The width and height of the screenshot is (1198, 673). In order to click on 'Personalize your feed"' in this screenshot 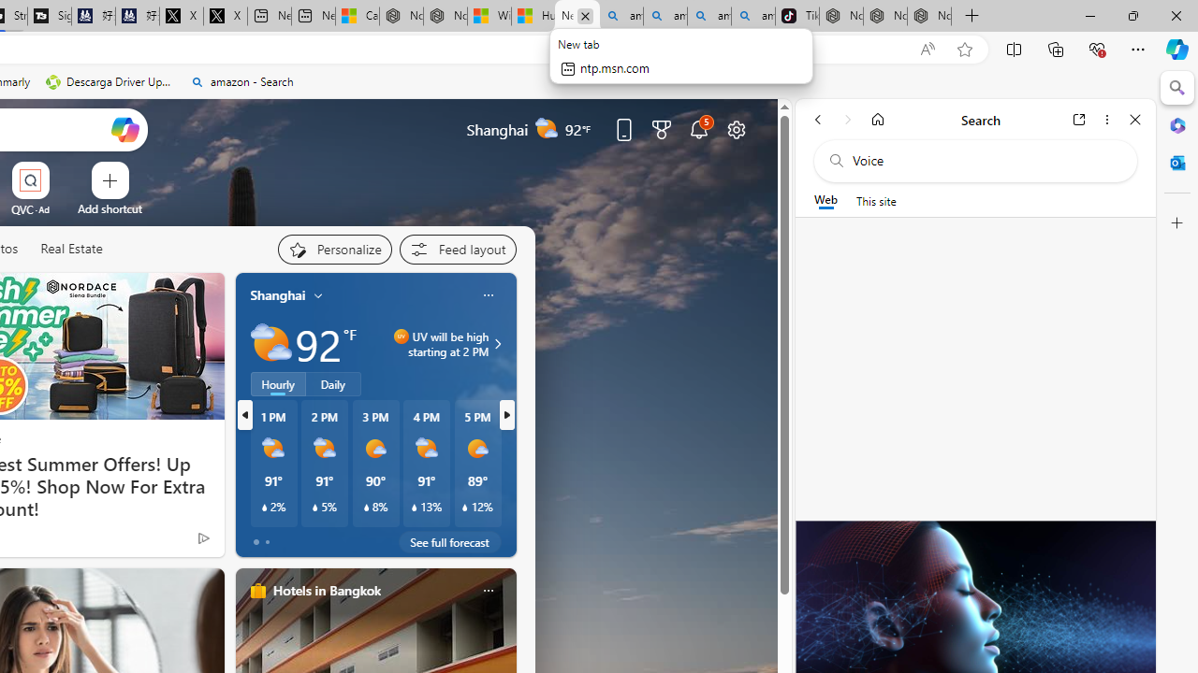, I will do `click(334, 249)`.